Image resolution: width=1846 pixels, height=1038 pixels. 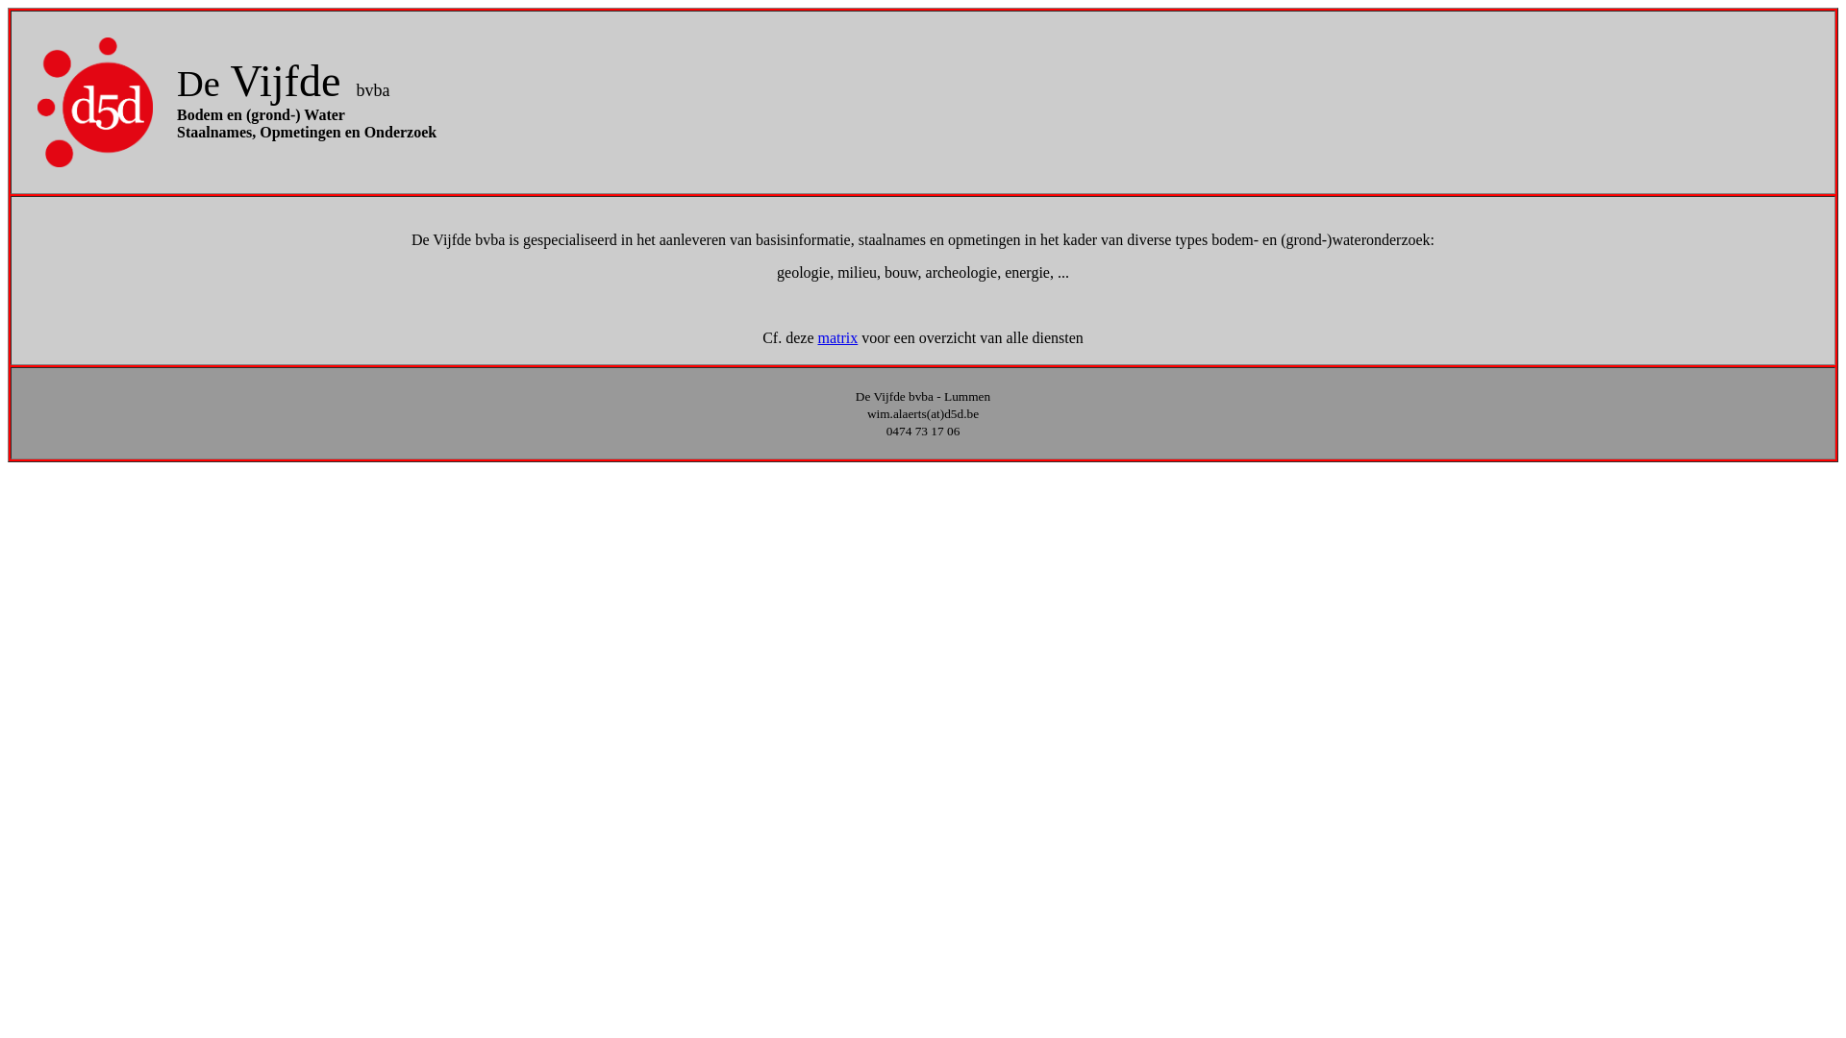 What do you see at coordinates (836, 336) in the screenshot?
I see `'matrix'` at bounding box center [836, 336].